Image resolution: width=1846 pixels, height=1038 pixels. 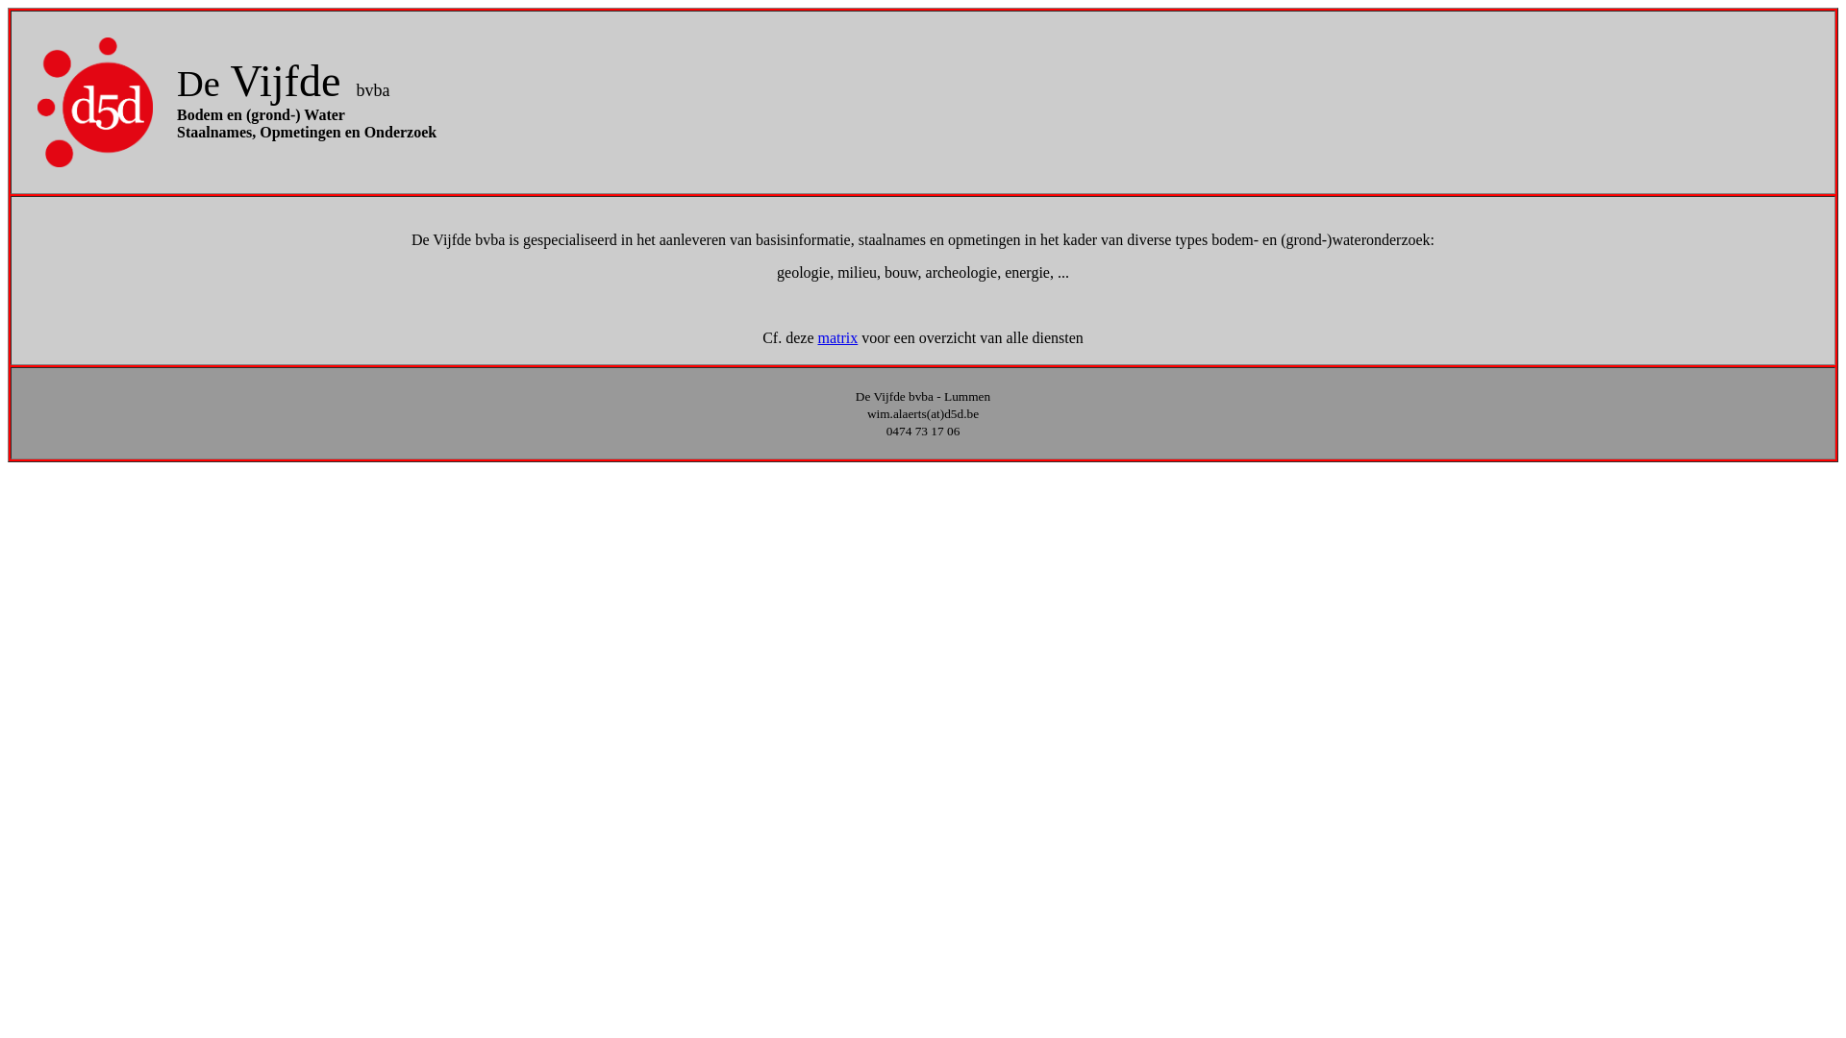 What do you see at coordinates (836, 336) in the screenshot?
I see `'matrix'` at bounding box center [836, 336].